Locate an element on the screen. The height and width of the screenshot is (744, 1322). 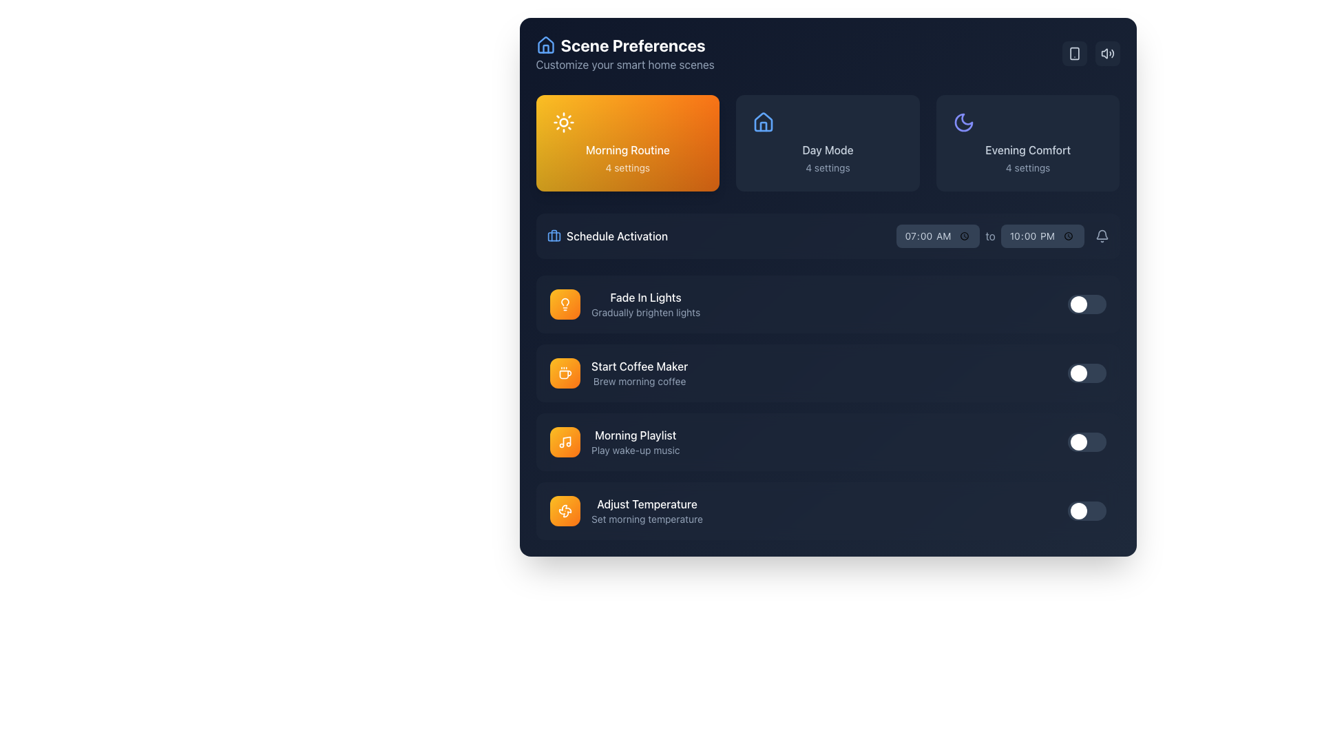
the toggle switch of the fourth list item under the 'Schedule Activation' section to change its state is located at coordinates (827, 510).